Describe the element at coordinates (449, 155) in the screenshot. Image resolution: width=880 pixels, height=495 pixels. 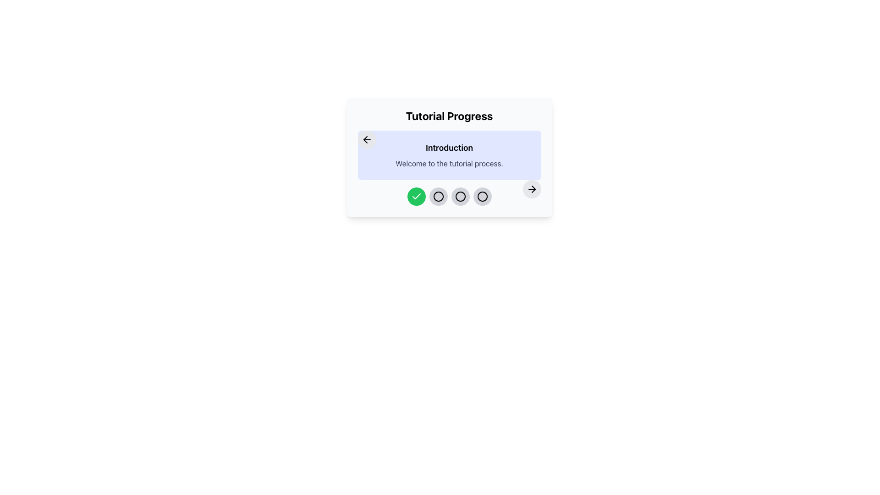
I see `tutorial introduction message displayed in the text block below the 'Tutorial Progress' header` at that location.